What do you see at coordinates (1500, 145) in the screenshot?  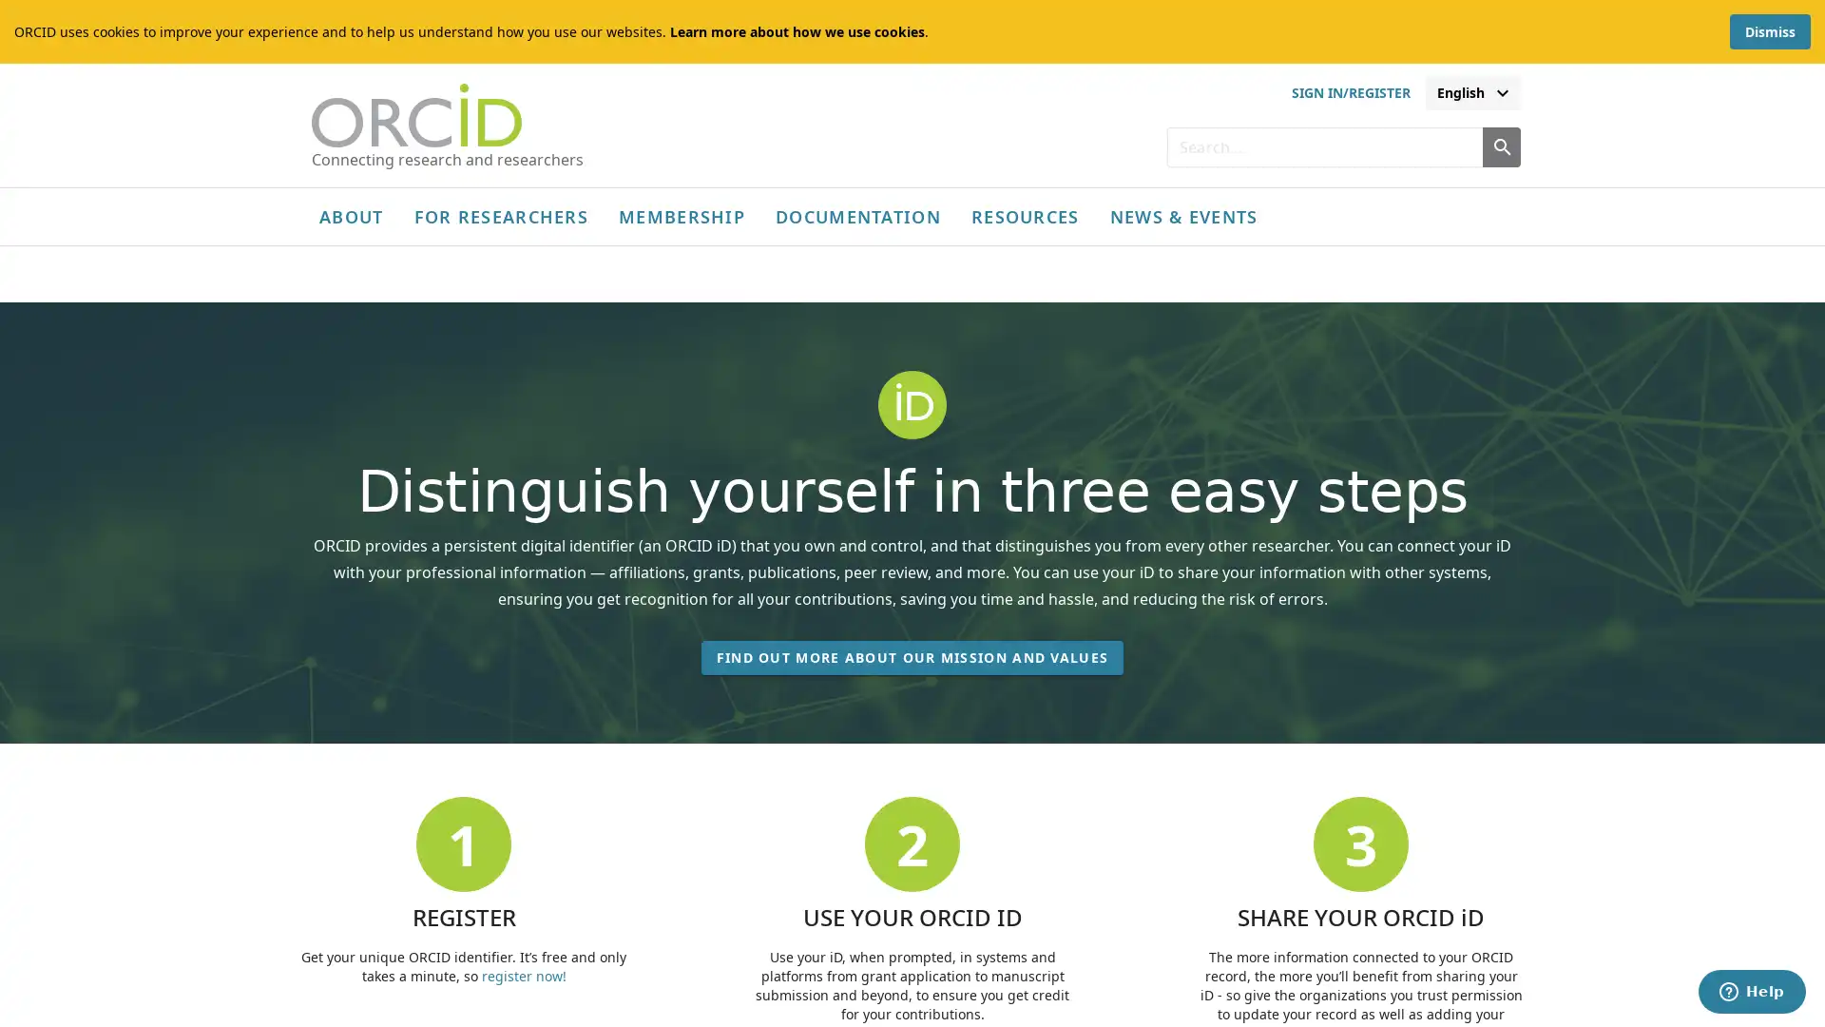 I see `Search` at bounding box center [1500, 145].